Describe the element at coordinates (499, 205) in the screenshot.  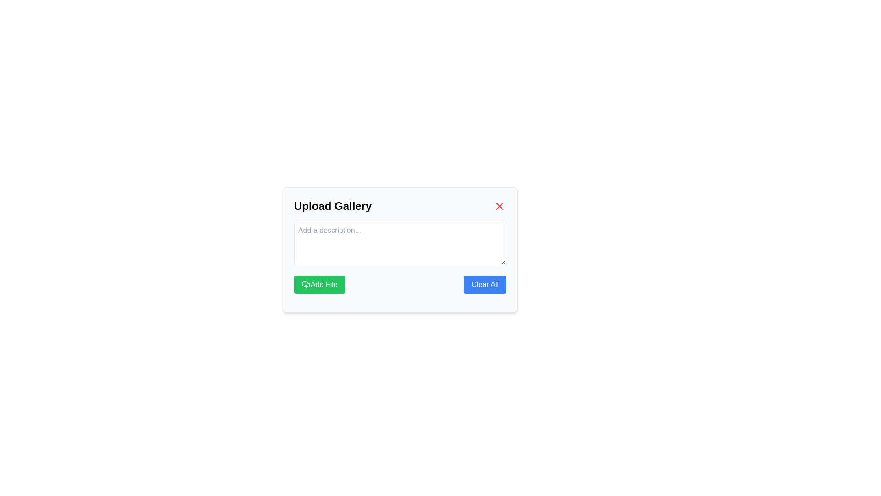
I see `the red 'X' close button located in the top-right corner of the white upload gallery modal` at that location.